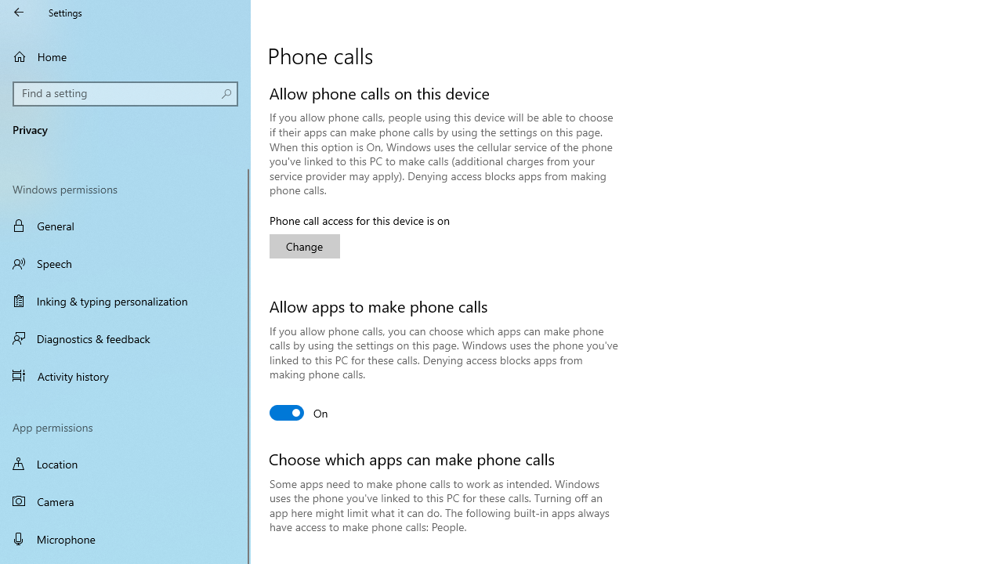 This screenshot has width=1003, height=564. Describe the element at coordinates (125, 301) in the screenshot. I see `'Inking & typing personalization'` at that location.